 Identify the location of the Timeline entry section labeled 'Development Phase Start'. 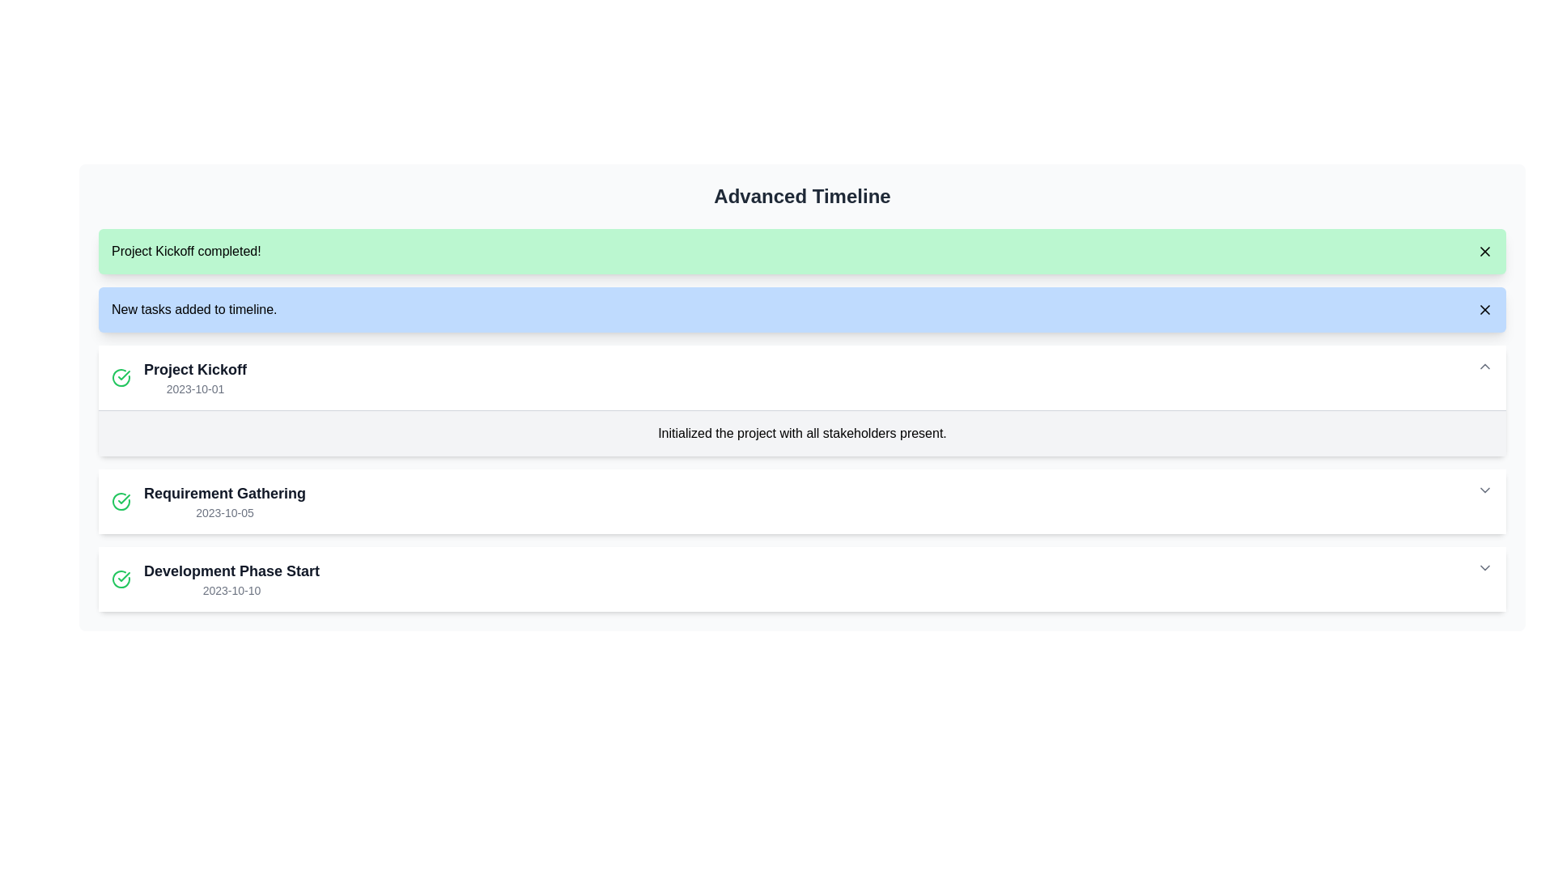
(802, 579).